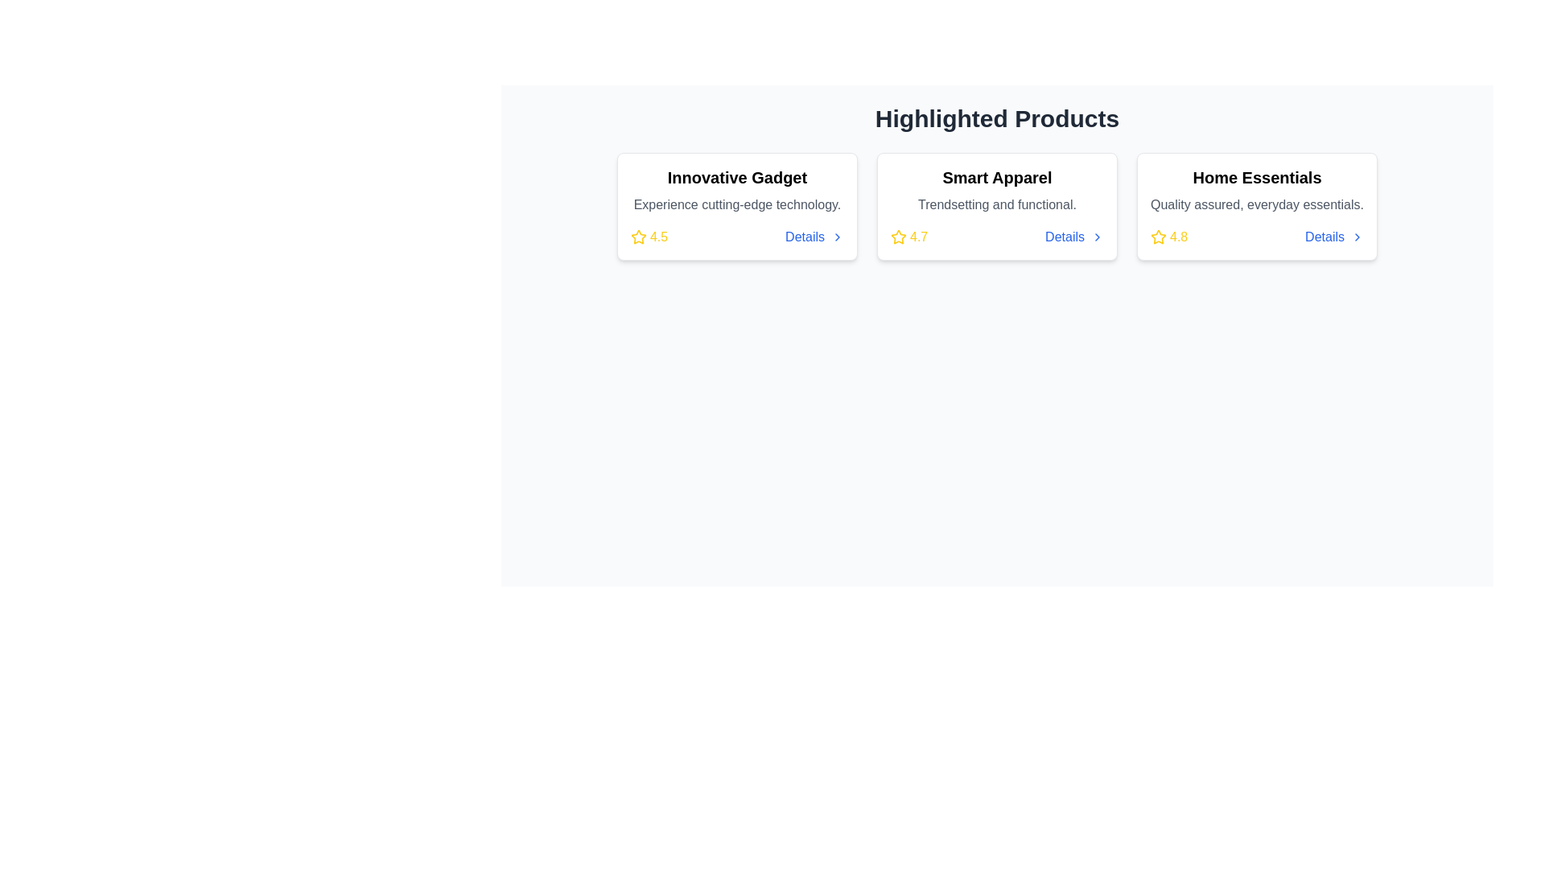 This screenshot has height=869, width=1545. I want to click on the star-shaped rating icon located to the left of the rating '4.7' in the 'Smart Apparel' product card for interaction, so click(898, 237).